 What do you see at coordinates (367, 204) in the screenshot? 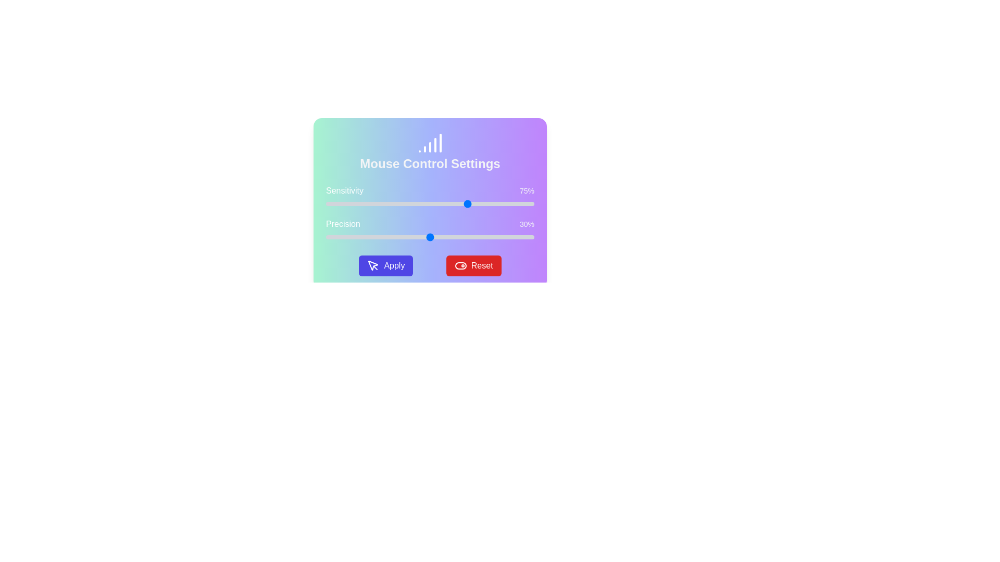
I see `the sensitivity` at bounding box center [367, 204].